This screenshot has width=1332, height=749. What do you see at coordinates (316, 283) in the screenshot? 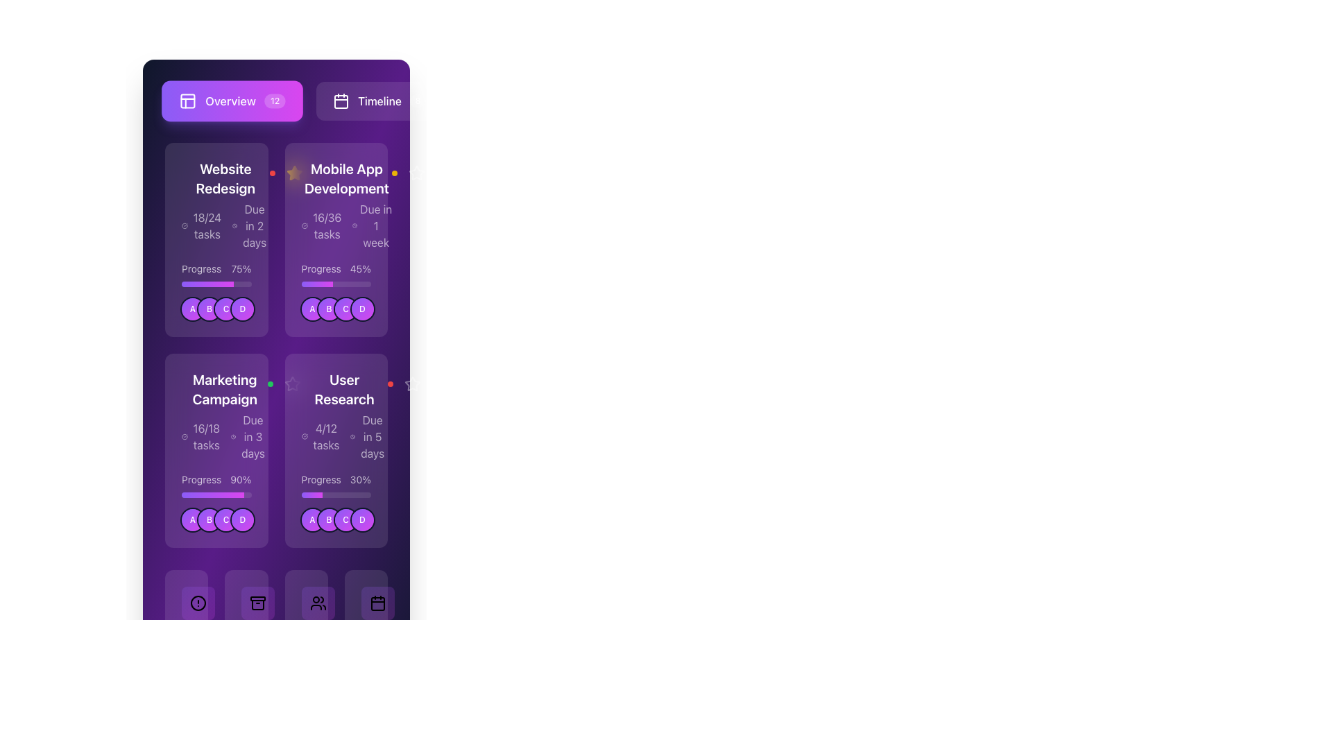
I see `the decorative progress bar segment colored with a gradient transitioning from violet to fuchsia, representing 45% of the bar's width, located in the middle section of the 'Mobile App Development' card` at bounding box center [316, 283].